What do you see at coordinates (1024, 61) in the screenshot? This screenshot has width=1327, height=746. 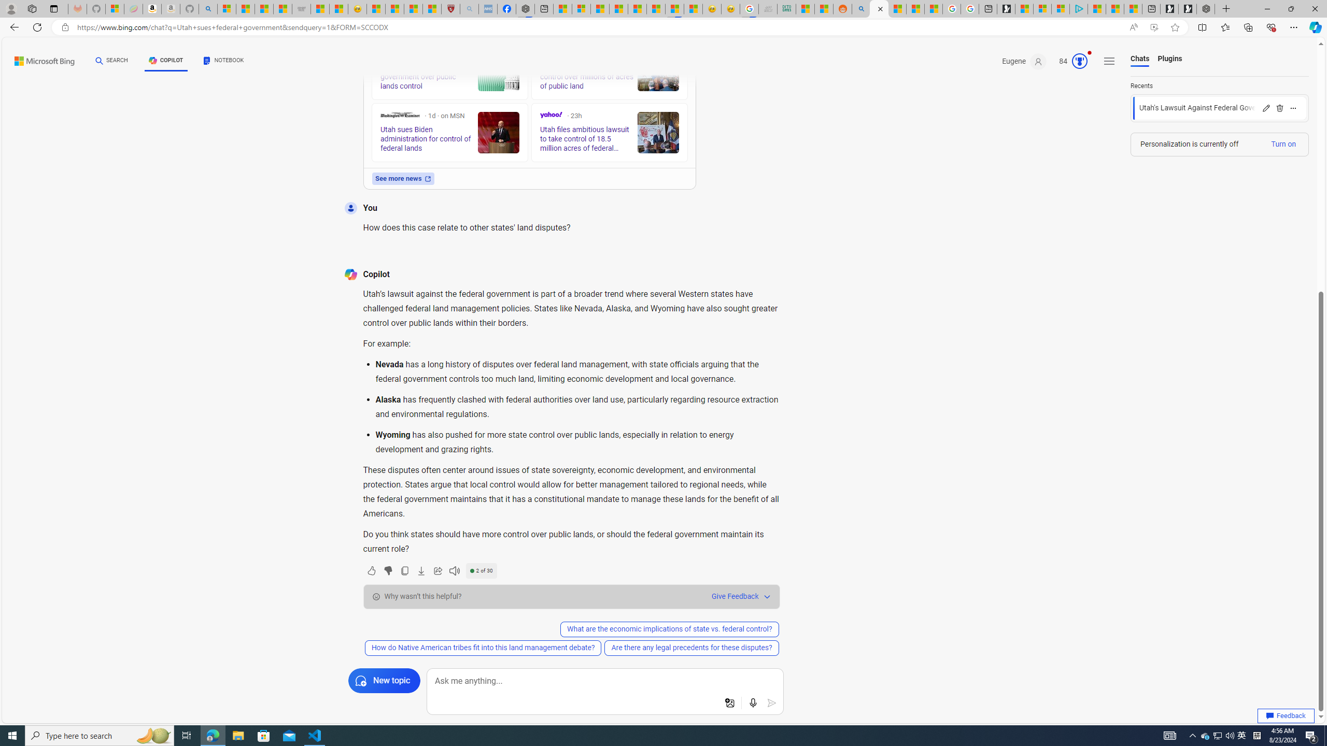 I see `'Eugene'` at bounding box center [1024, 61].